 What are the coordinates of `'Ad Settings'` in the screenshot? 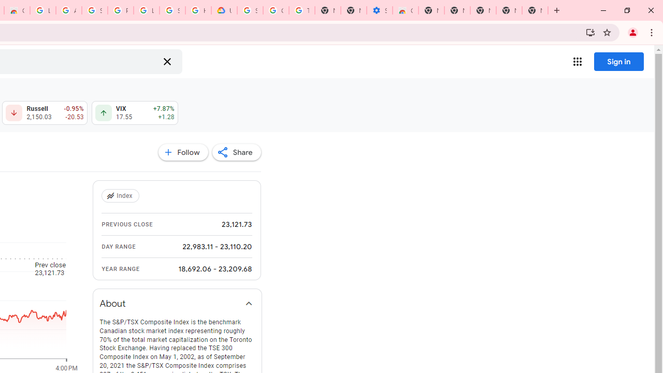 It's located at (68, 10).